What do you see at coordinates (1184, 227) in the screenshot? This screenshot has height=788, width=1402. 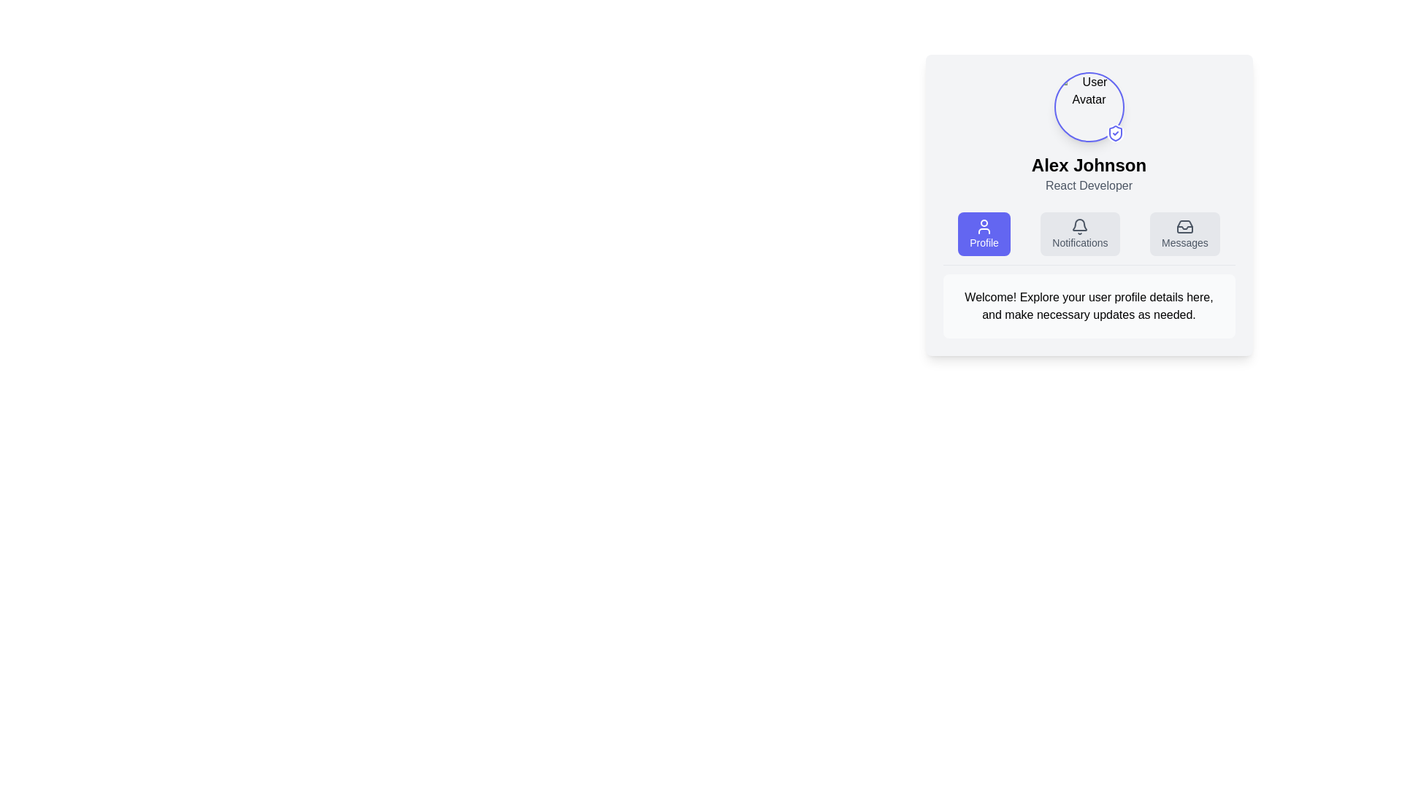 I see `the 'Messages' button, which is the third button in a horizontal group under the user profile section` at bounding box center [1184, 227].